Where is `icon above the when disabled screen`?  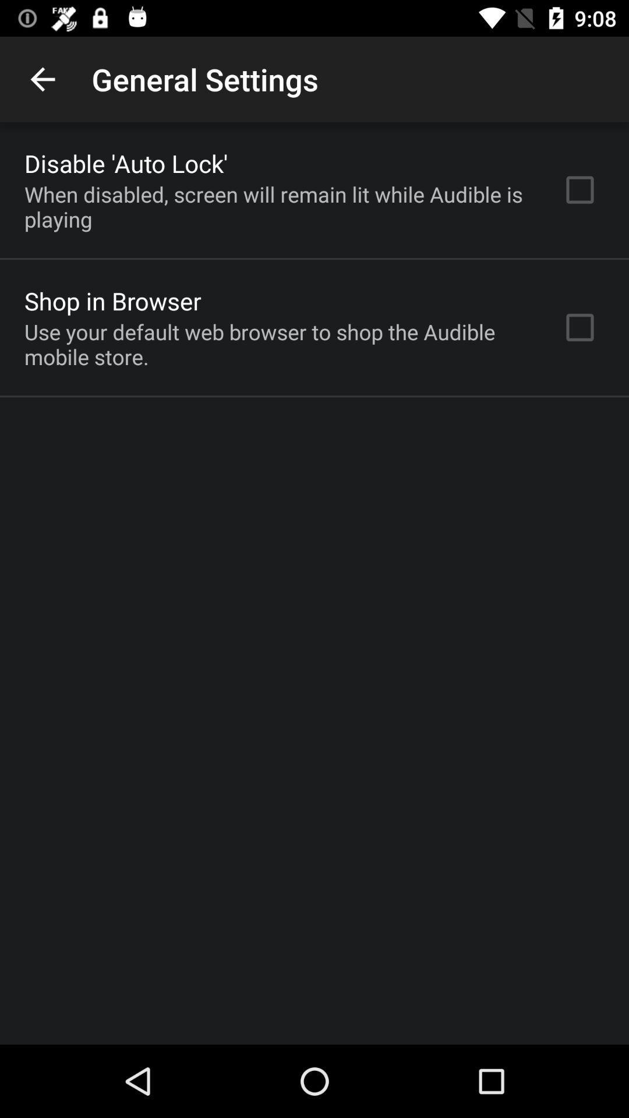
icon above the when disabled screen is located at coordinates (126, 162).